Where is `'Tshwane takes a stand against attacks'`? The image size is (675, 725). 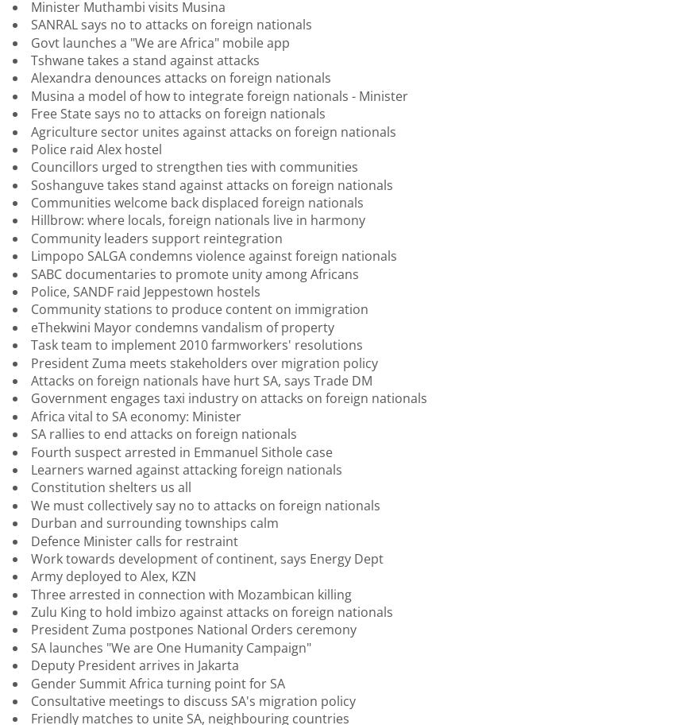
'Tshwane takes a stand against attacks' is located at coordinates (145, 58).